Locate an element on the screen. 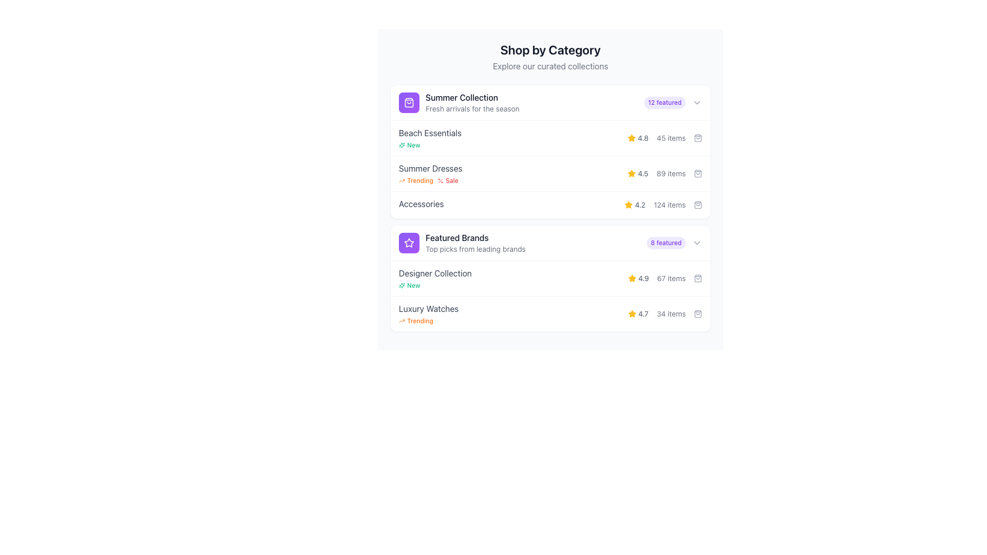 The width and height of the screenshot is (987, 555). the rating and item count displayed on the right side of the 'Luxury Watches' section, which is the last visible item in the horizontally-aligned group of text and icons is located at coordinates (665, 313).